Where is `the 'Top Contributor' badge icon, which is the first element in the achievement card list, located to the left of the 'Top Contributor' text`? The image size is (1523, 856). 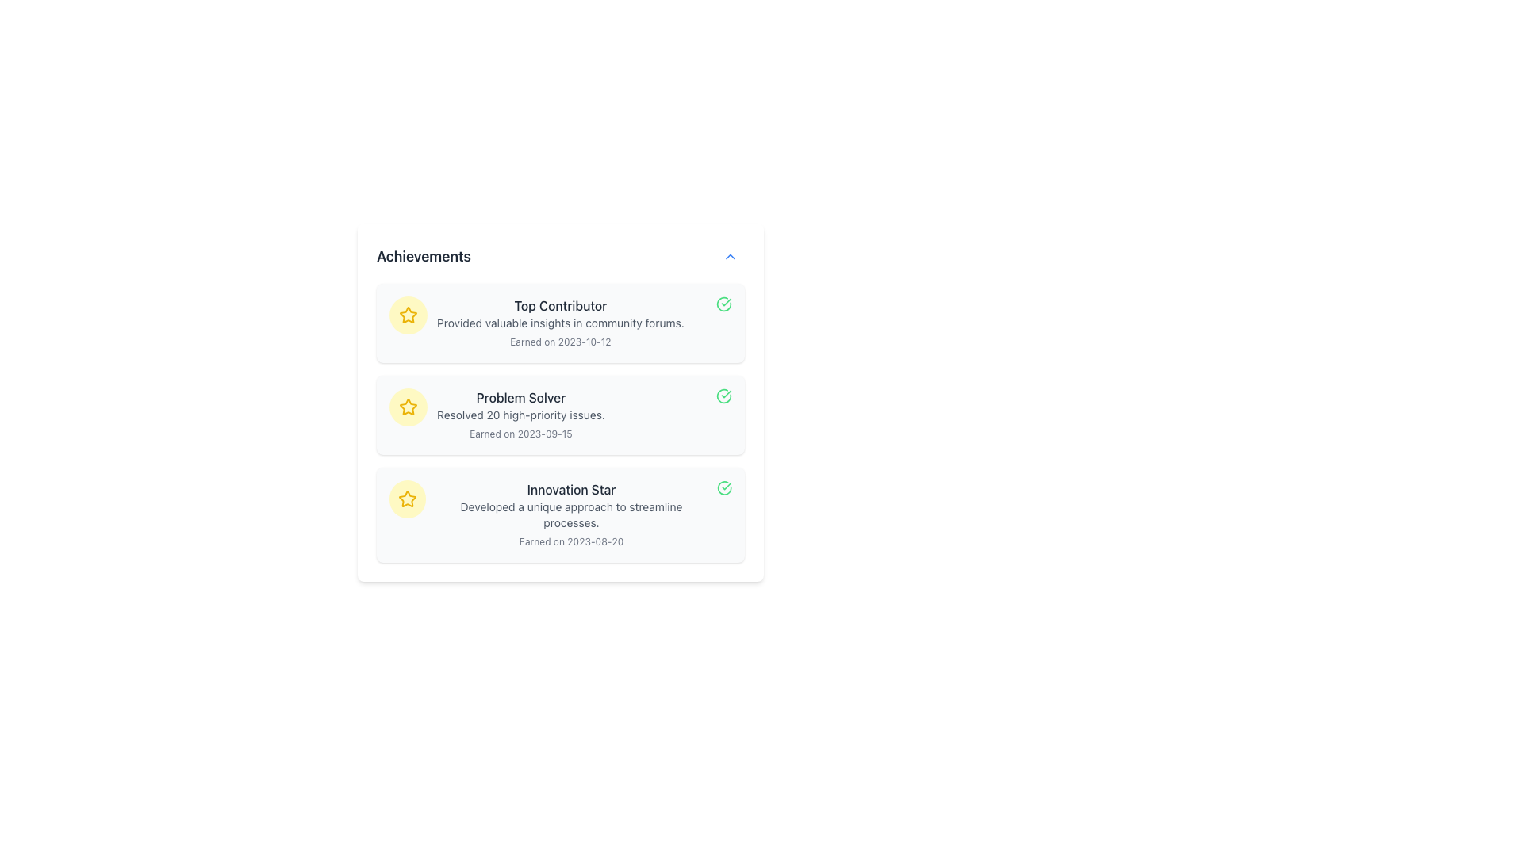
the 'Top Contributor' badge icon, which is the first element in the achievement card list, located to the left of the 'Top Contributor' text is located at coordinates (408, 315).